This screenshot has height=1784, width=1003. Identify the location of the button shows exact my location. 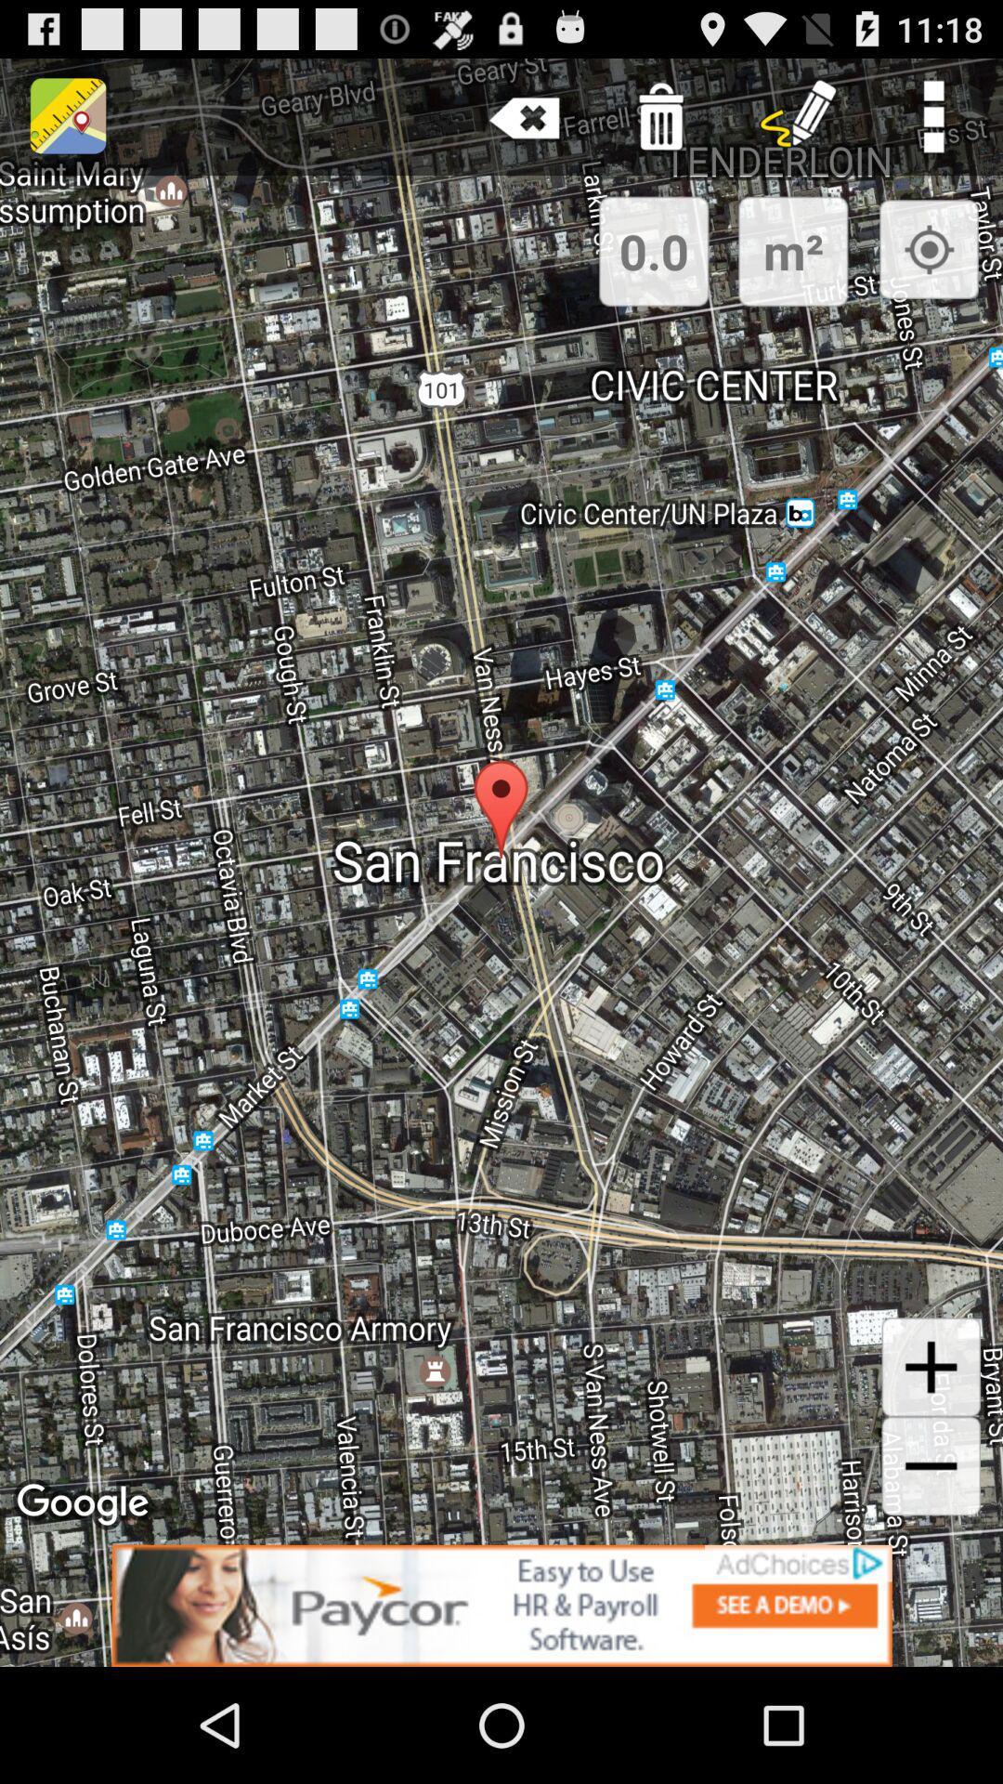
(929, 248).